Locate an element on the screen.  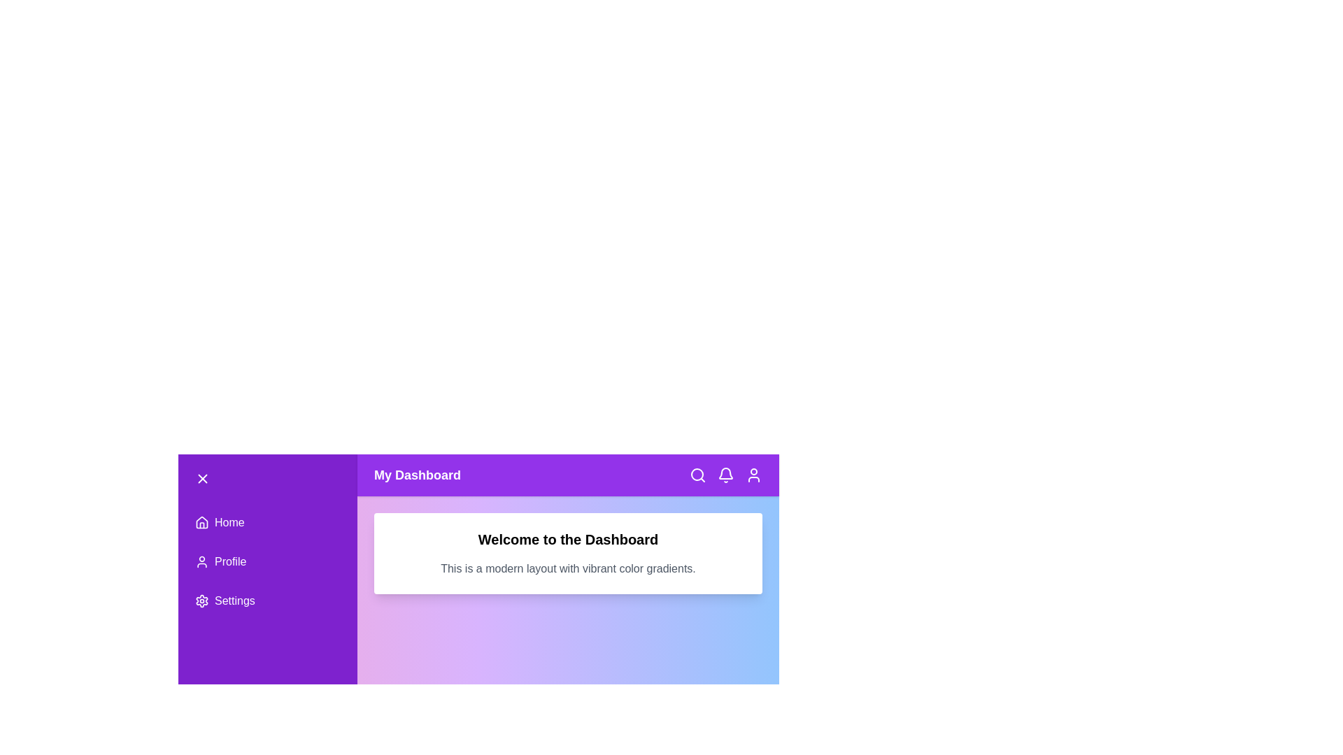
the 'Profile' menu item to navigate to the profile section is located at coordinates (268, 561).